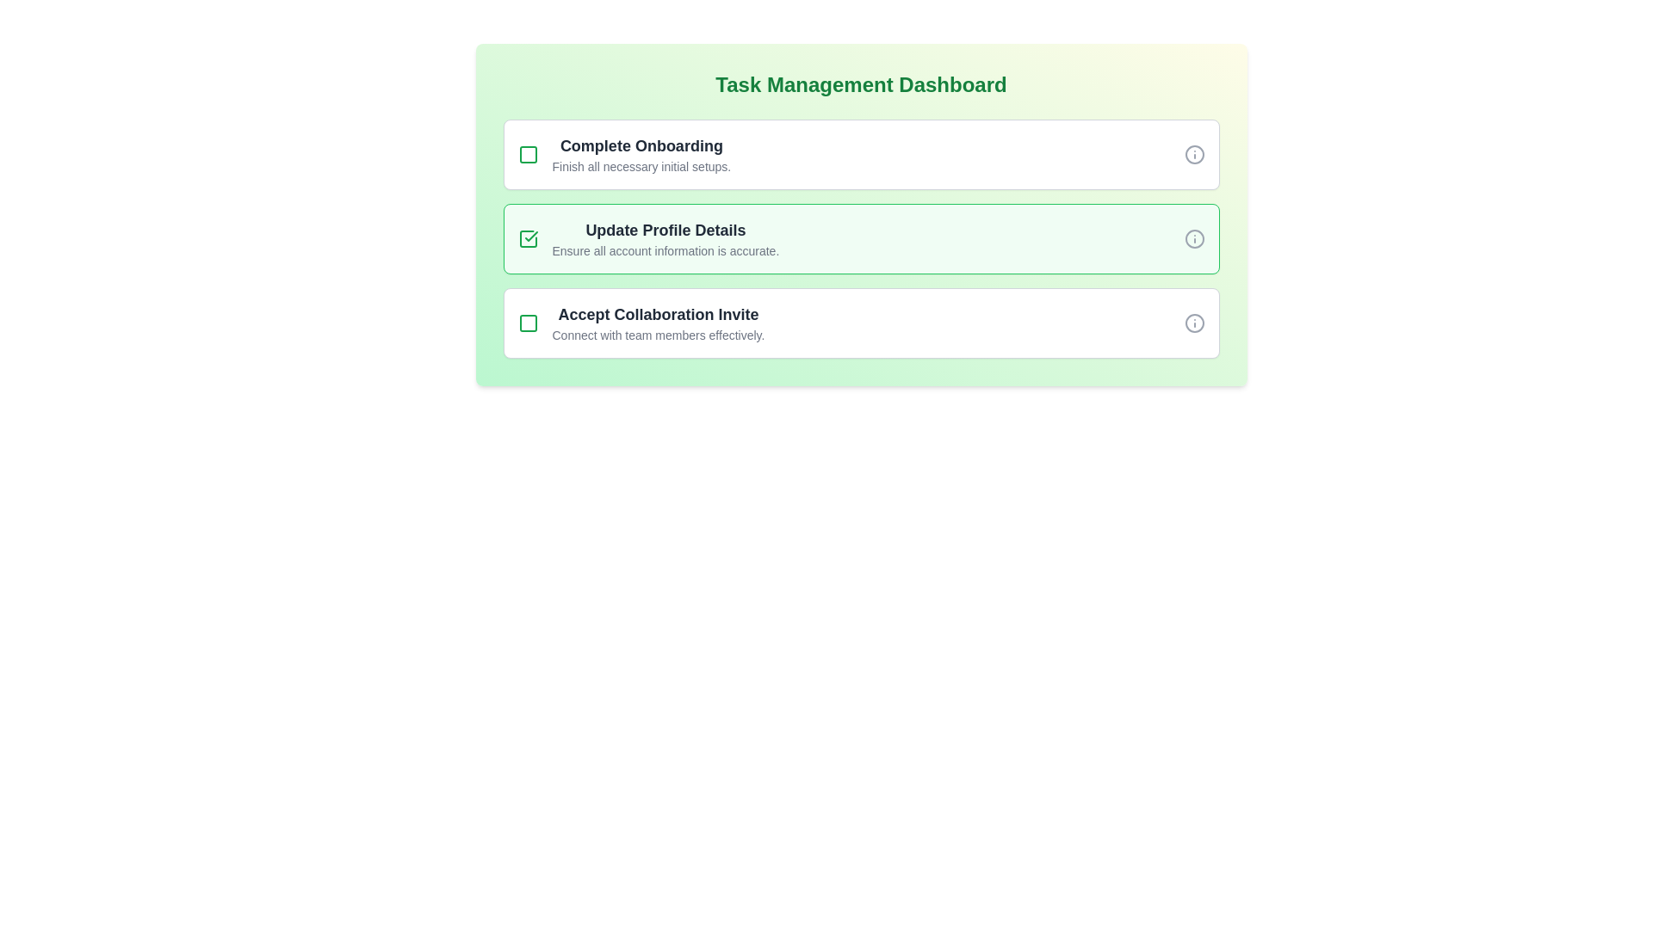 This screenshot has width=1653, height=929. What do you see at coordinates (1193, 238) in the screenshot?
I see `the circular Information icon with an 'i' symbol inside, located at the far right of the 'Update Profile Details' task row` at bounding box center [1193, 238].